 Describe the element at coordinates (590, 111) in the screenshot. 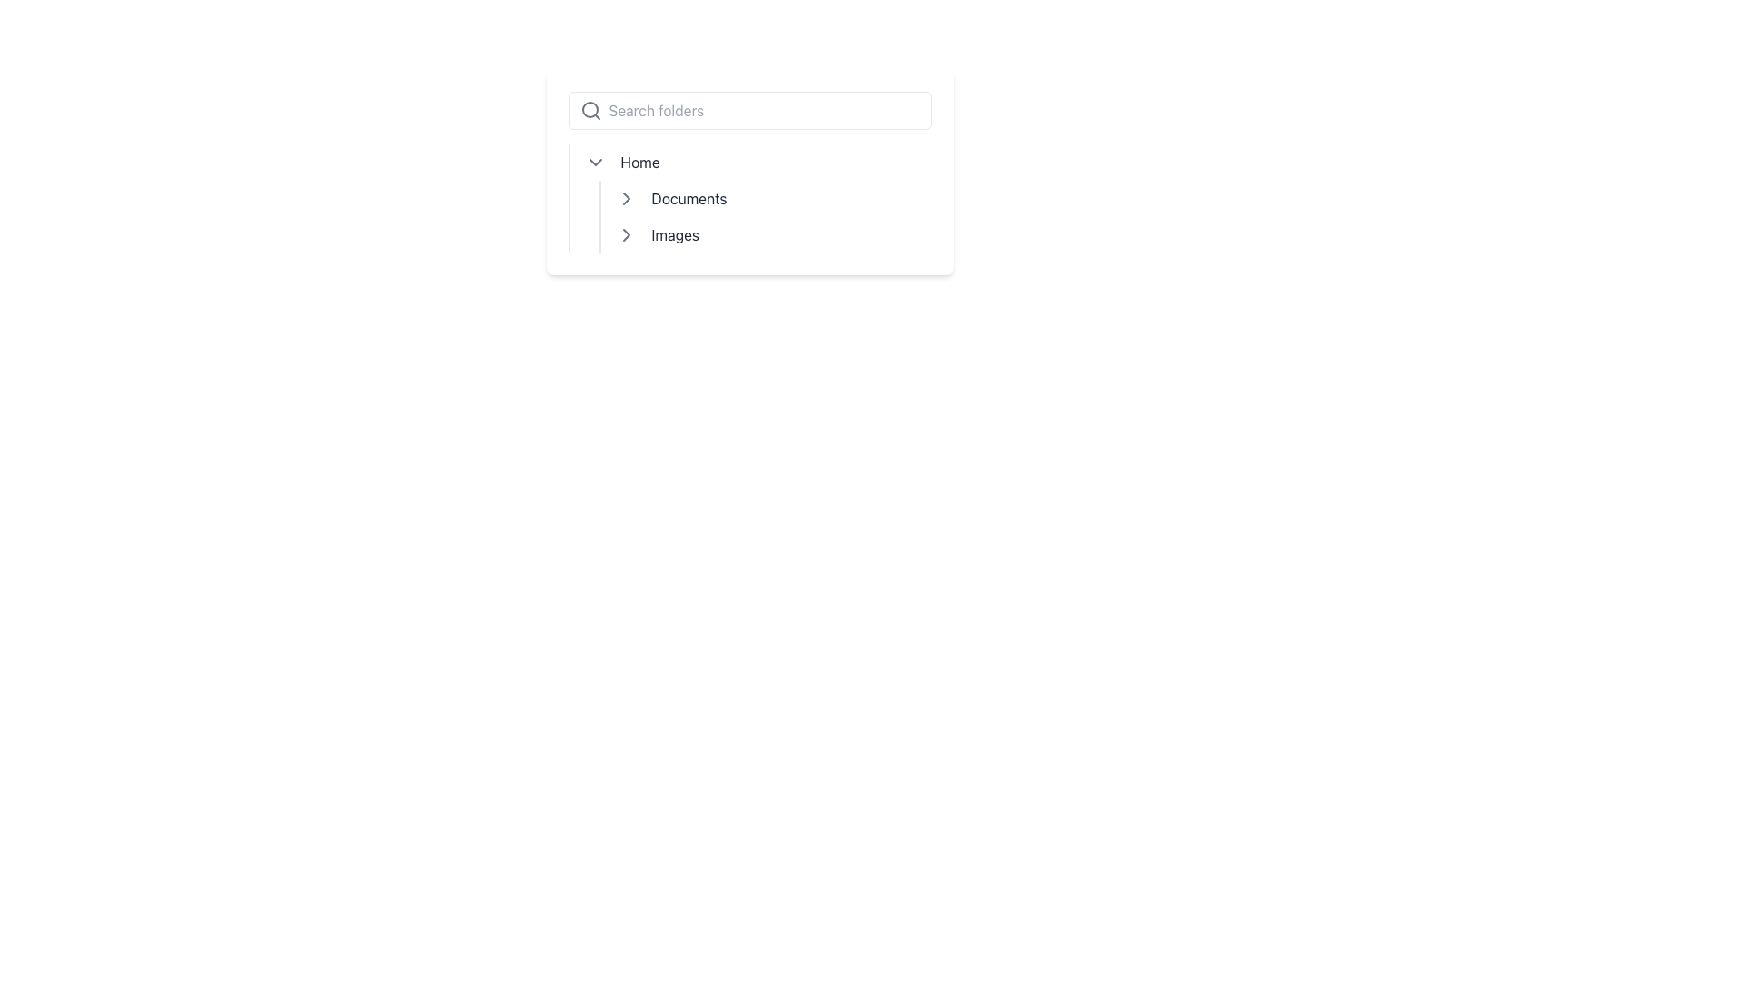

I see `the magnifying glass icon located at the left side of the search bar` at that location.